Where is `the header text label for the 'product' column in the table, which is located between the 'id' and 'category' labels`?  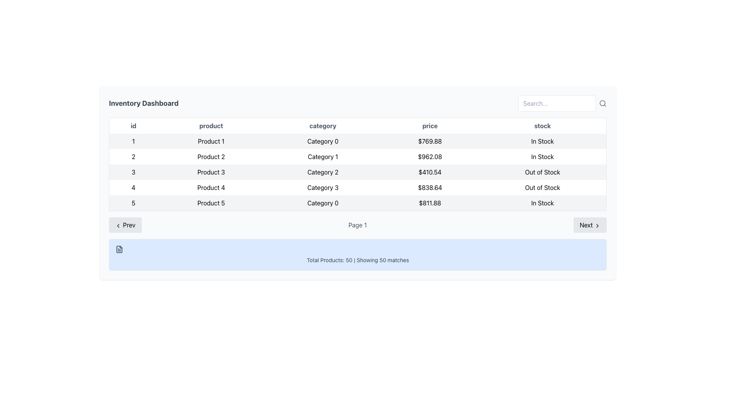
the header text label for the 'product' column in the table, which is located between the 'id' and 'category' labels is located at coordinates (211, 125).